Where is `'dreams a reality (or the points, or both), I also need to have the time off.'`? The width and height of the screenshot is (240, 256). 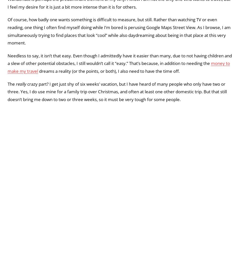 'dreams a reality (or the points, or both), I also need to have the time off.' is located at coordinates (109, 127).